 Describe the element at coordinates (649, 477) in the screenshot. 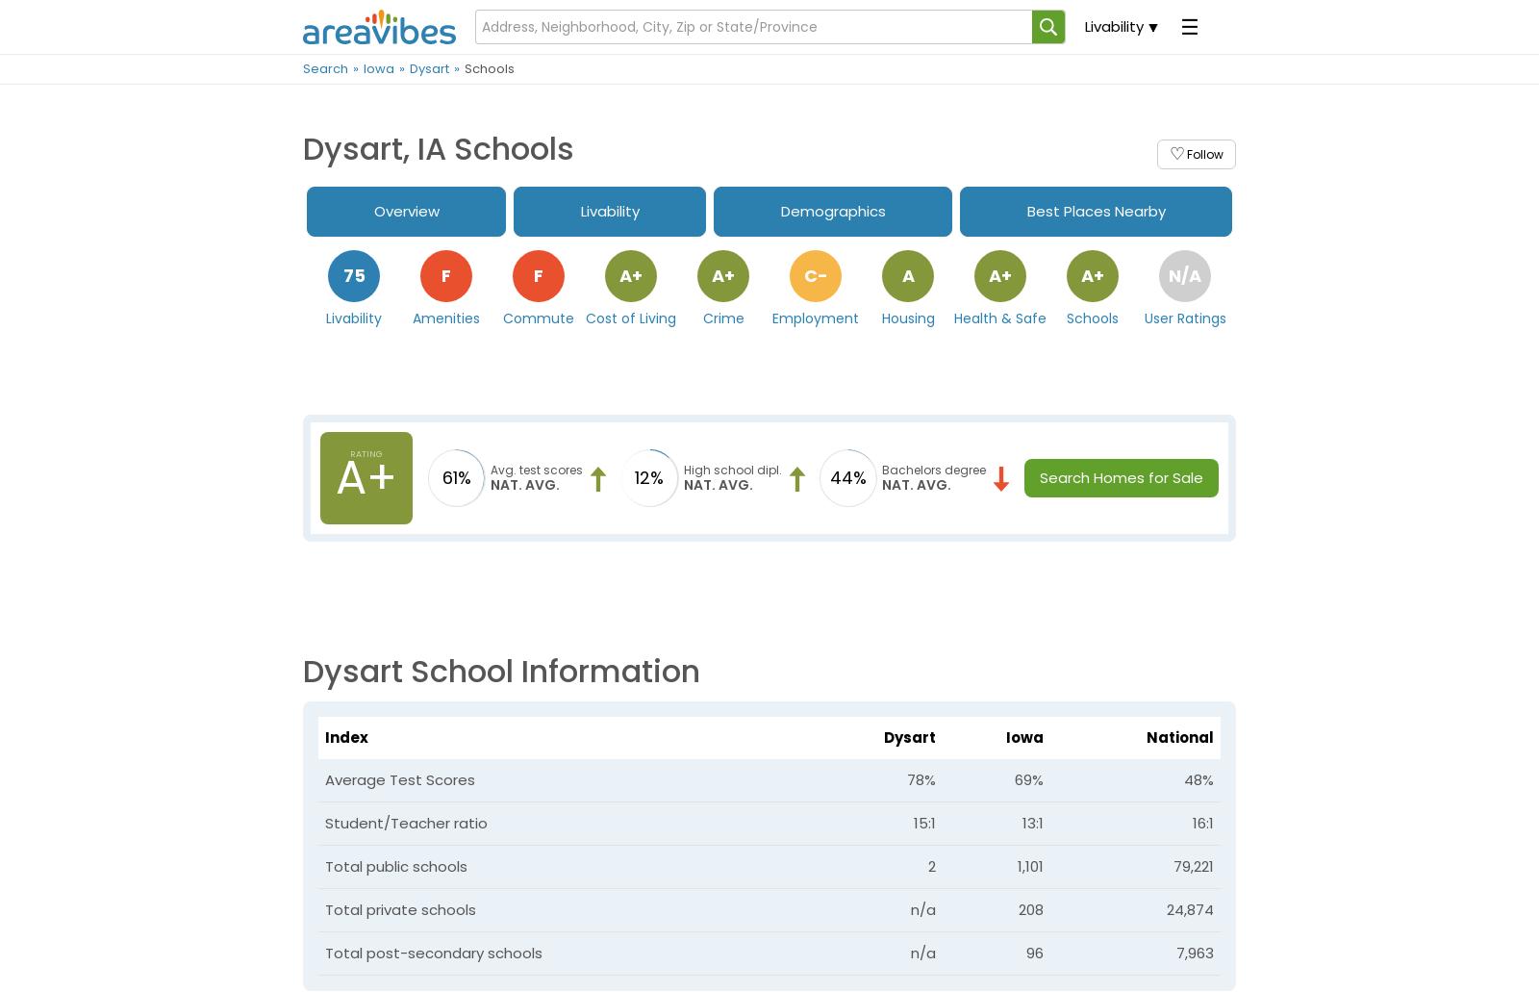

I see `'12%'` at that location.